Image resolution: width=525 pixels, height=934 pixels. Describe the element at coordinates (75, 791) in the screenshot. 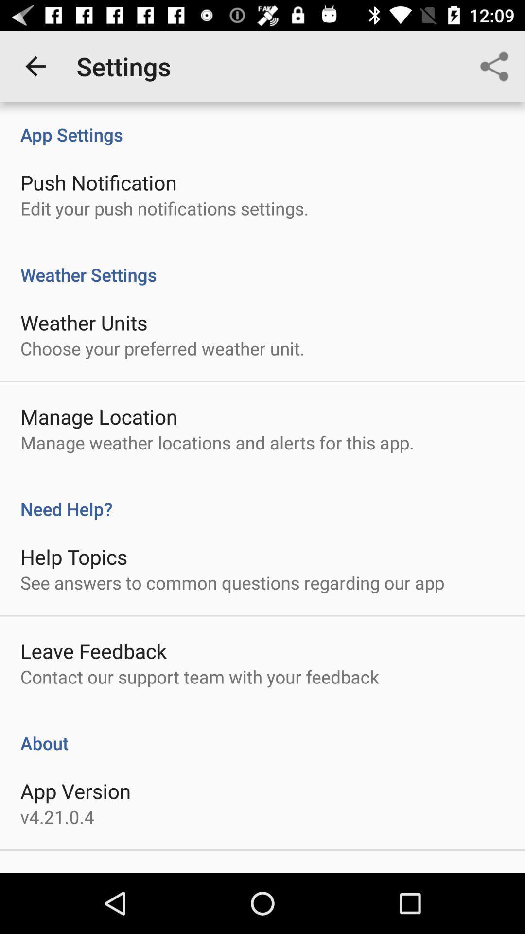

I see `item above v4 21 0` at that location.